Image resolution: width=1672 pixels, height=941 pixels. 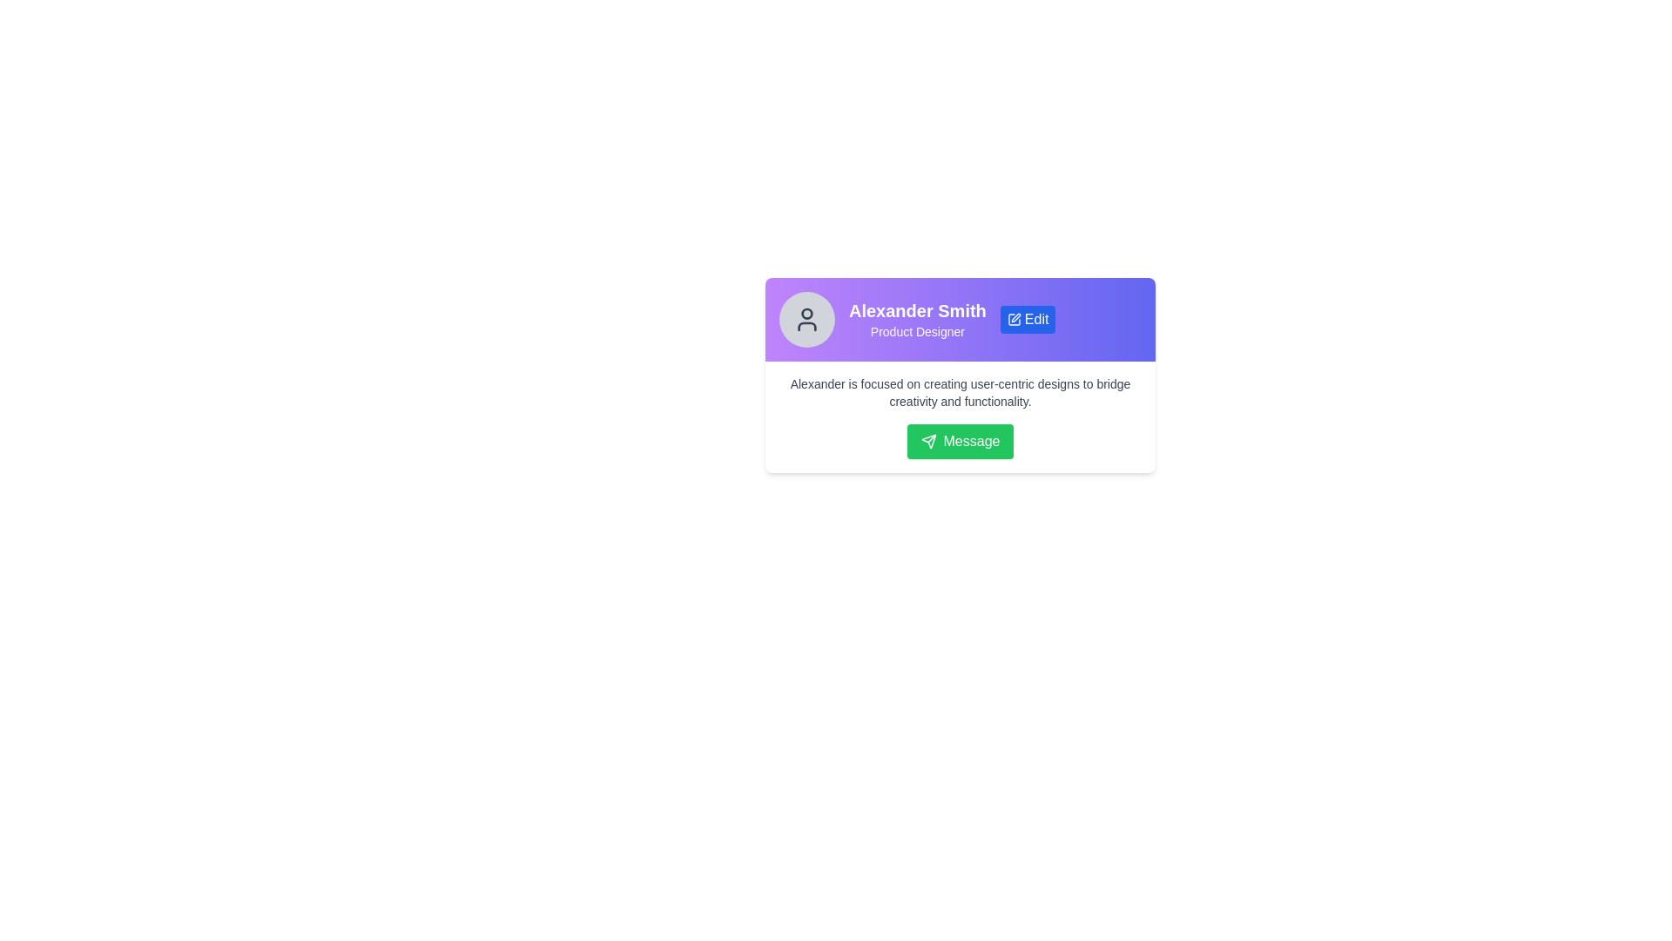 I want to click on the green button labeled 'Message' with a white paper plane icon to initiate the messaging function, so click(x=960, y=440).